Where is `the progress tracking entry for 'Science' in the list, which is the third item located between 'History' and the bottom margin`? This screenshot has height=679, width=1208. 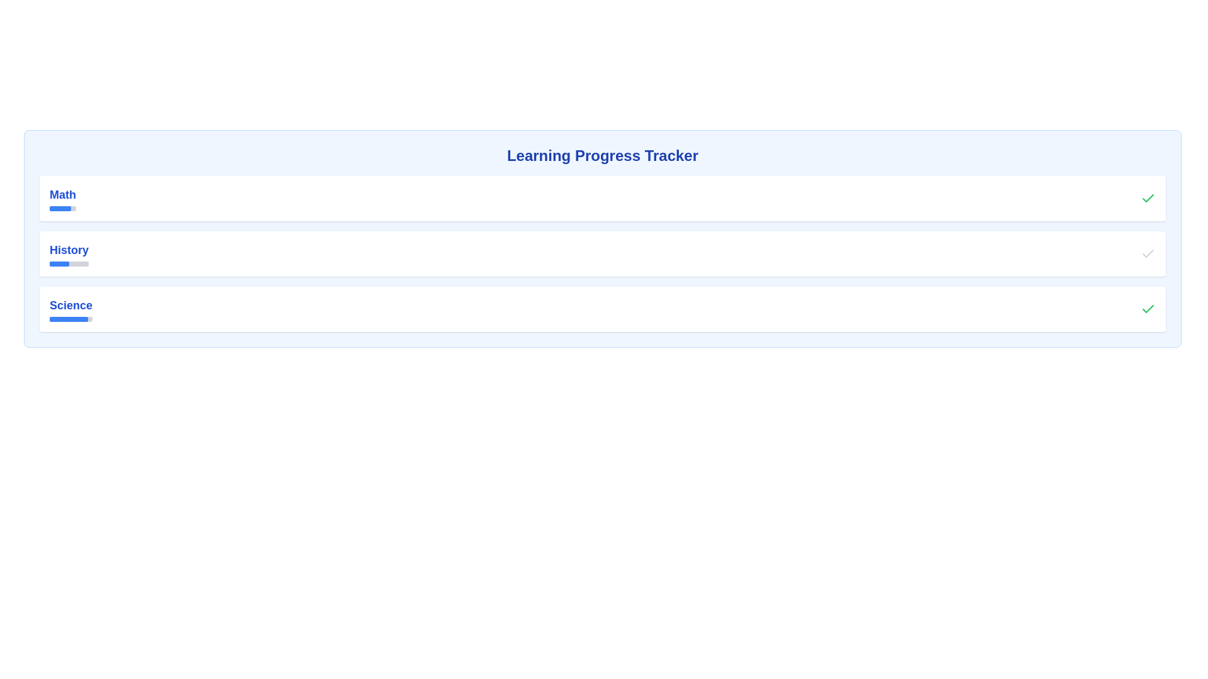
the progress tracking entry for 'Science' in the list, which is the third item located between 'History' and the bottom margin is located at coordinates (602, 309).